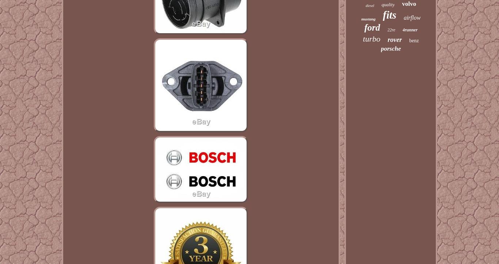 The image size is (499, 264). What do you see at coordinates (388, 4) in the screenshot?
I see `'quality'` at bounding box center [388, 4].